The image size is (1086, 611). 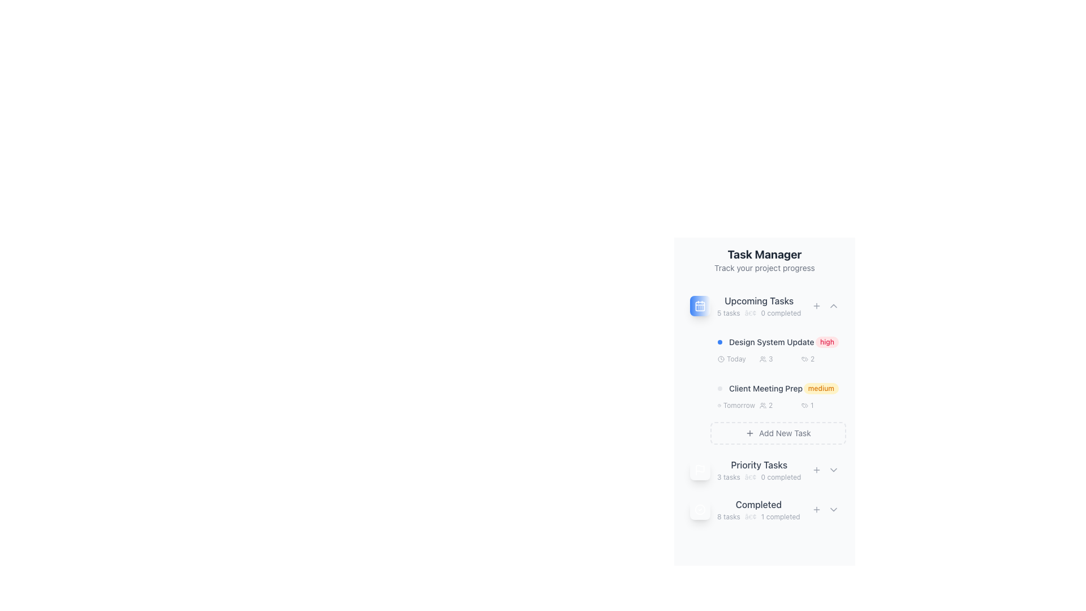 I want to click on the text label displaying 'Design System Update' located in the 'Upcoming Tasks' section of the task manager interface, so click(x=771, y=342).